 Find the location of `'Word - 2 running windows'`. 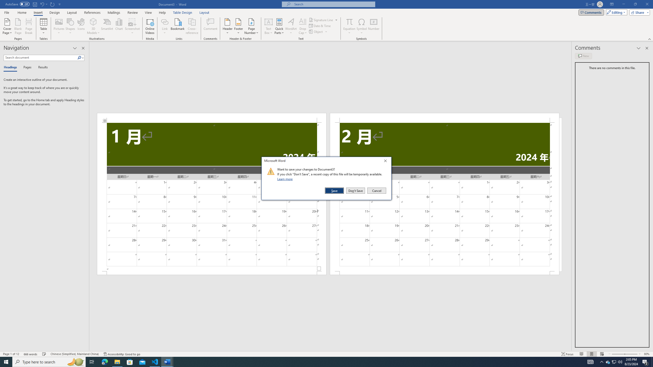

'Word - 2 running windows' is located at coordinates (167, 361).